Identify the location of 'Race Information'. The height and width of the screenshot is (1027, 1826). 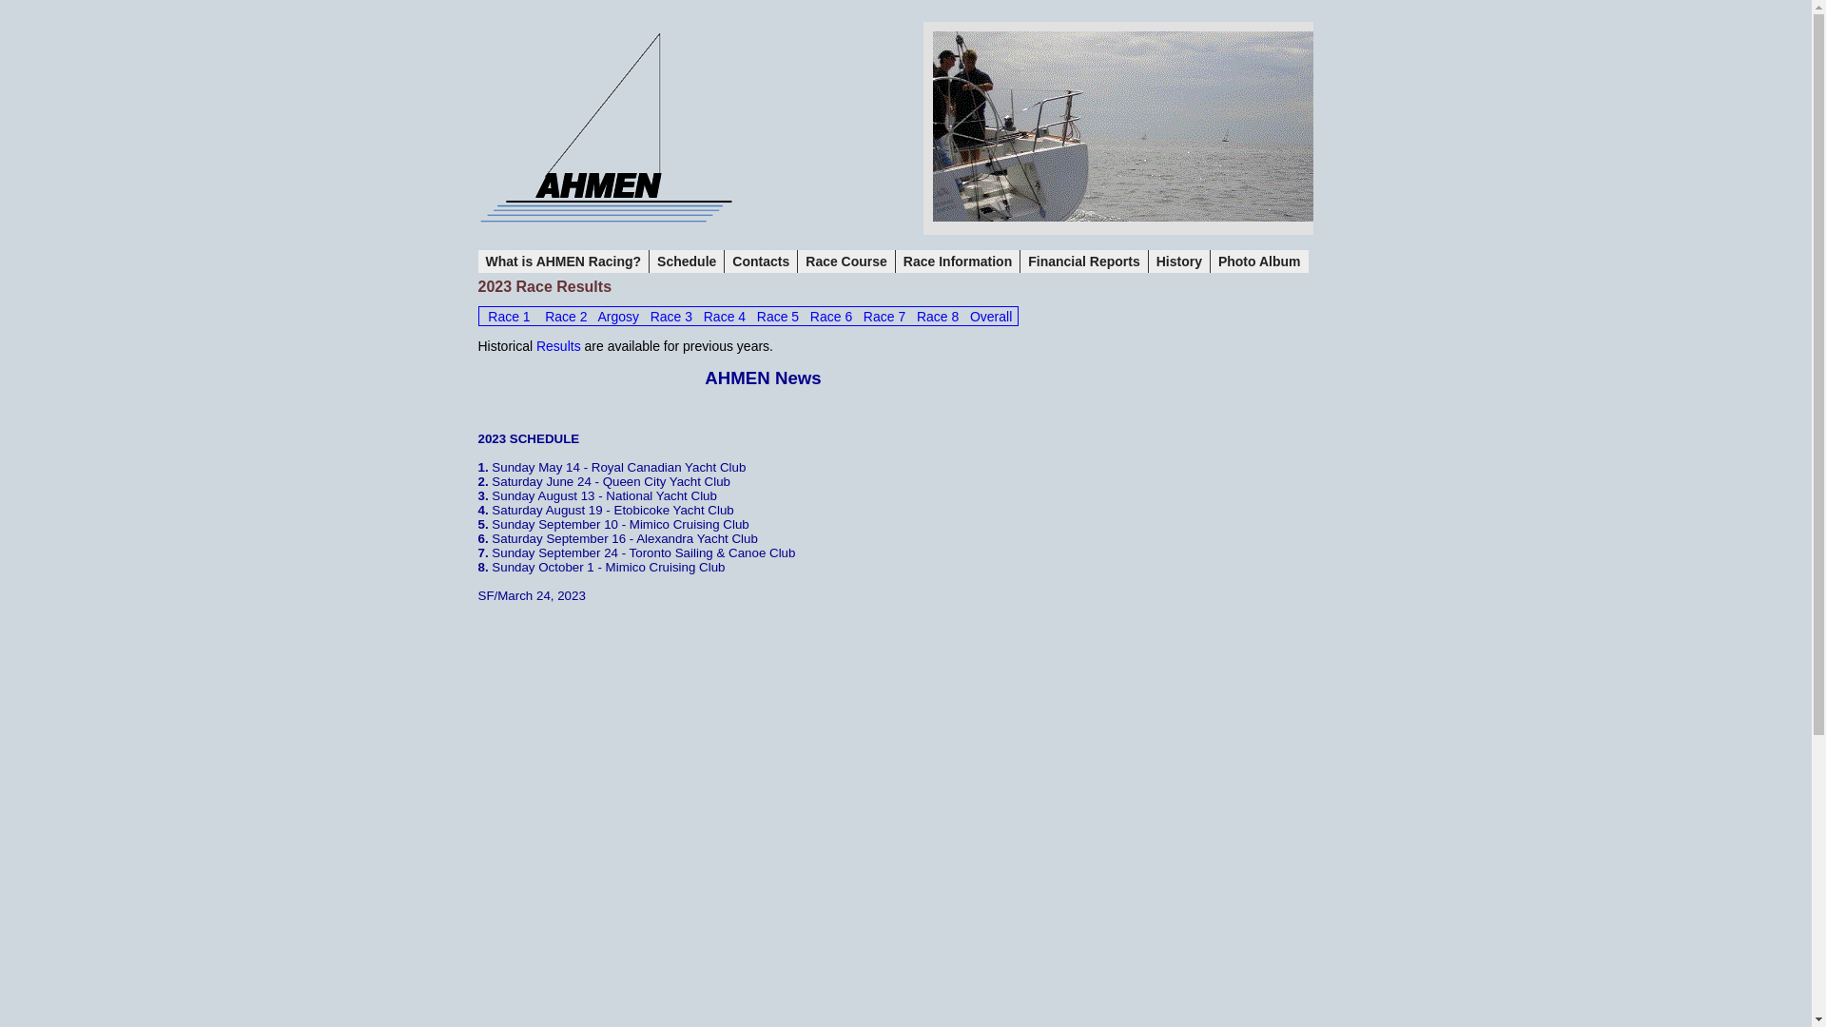
(958, 261).